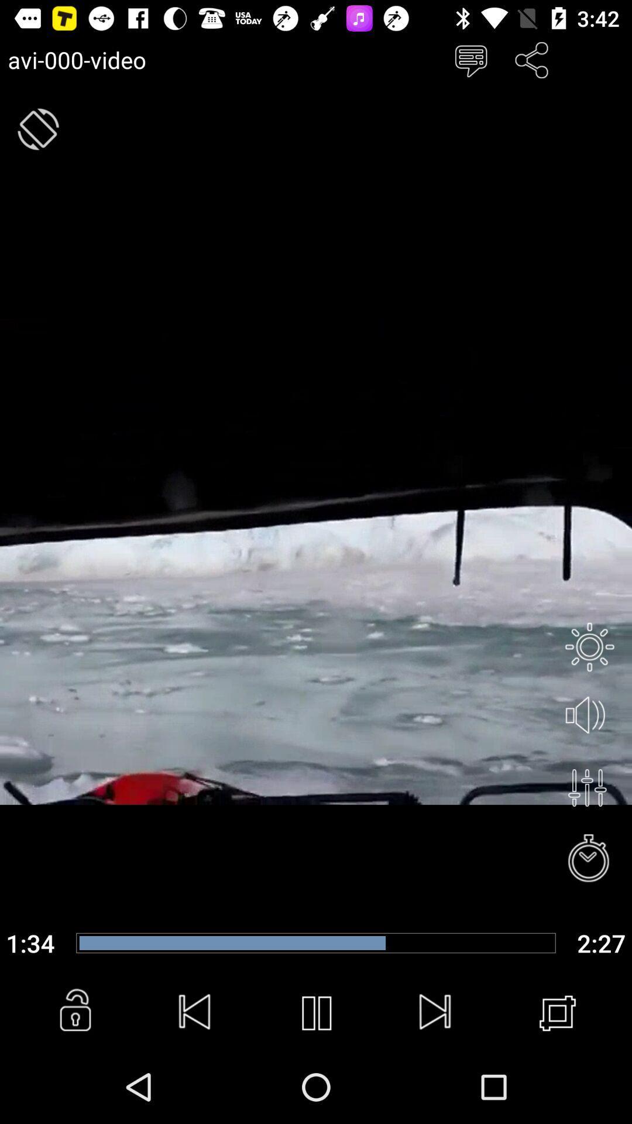 Image resolution: width=632 pixels, height=1124 pixels. Describe the element at coordinates (436, 1013) in the screenshot. I see `next` at that location.